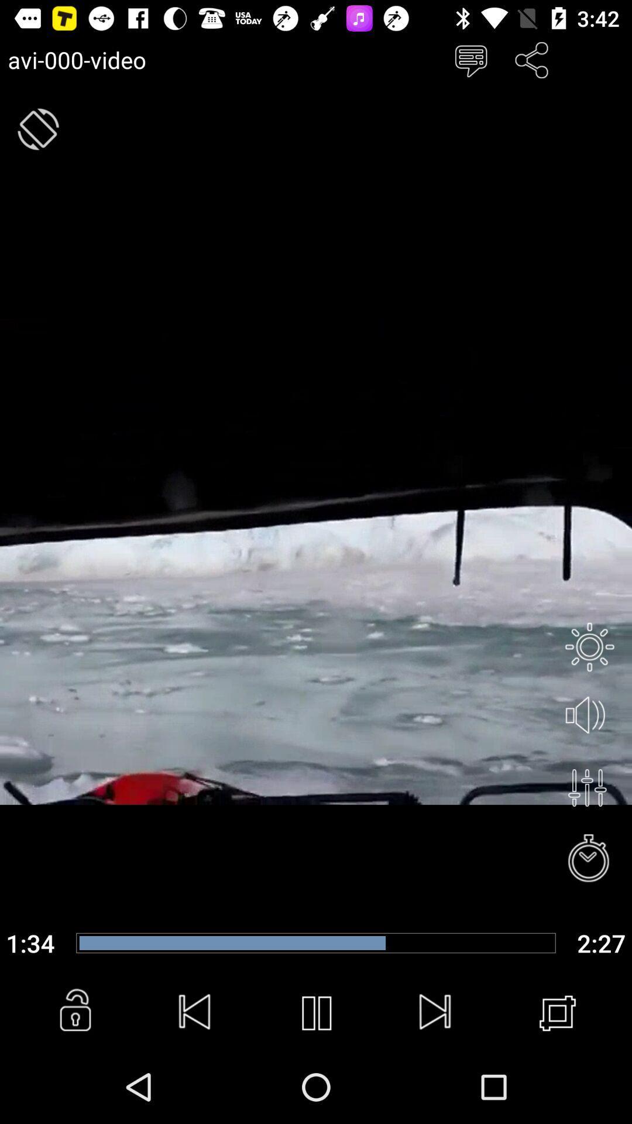 Image resolution: width=632 pixels, height=1124 pixels. Describe the element at coordinates (436, 1013) in the screenshot. I see `next` at that location.